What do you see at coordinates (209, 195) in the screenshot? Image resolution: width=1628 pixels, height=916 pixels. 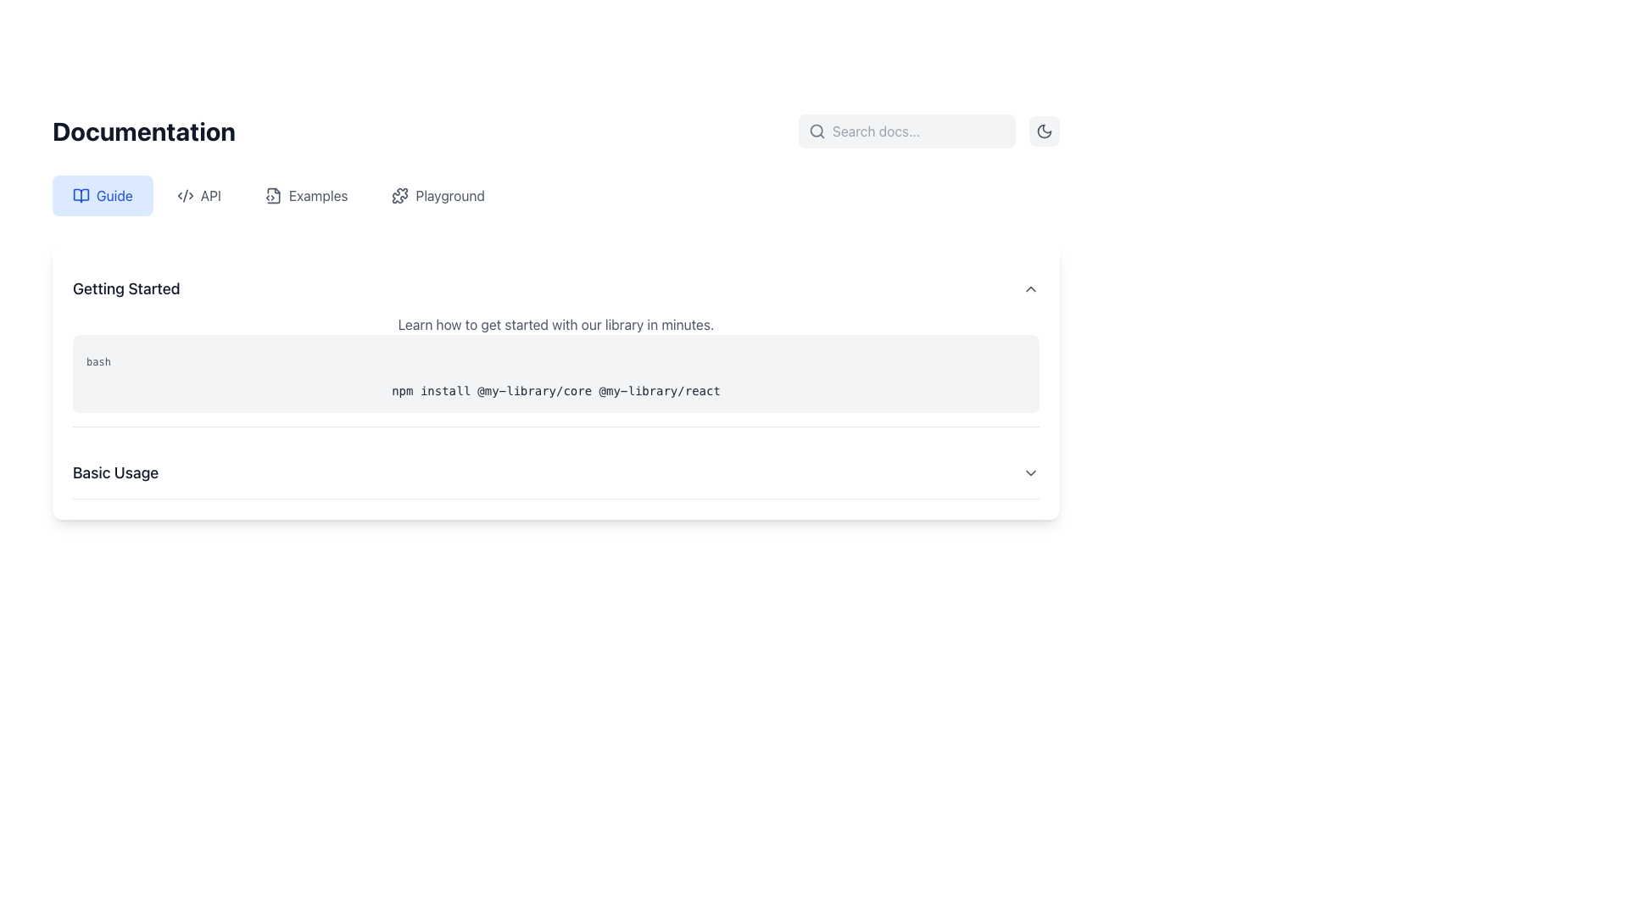 I see `the 'API' text label in the navigation menu` at bounding box center [209, 195].